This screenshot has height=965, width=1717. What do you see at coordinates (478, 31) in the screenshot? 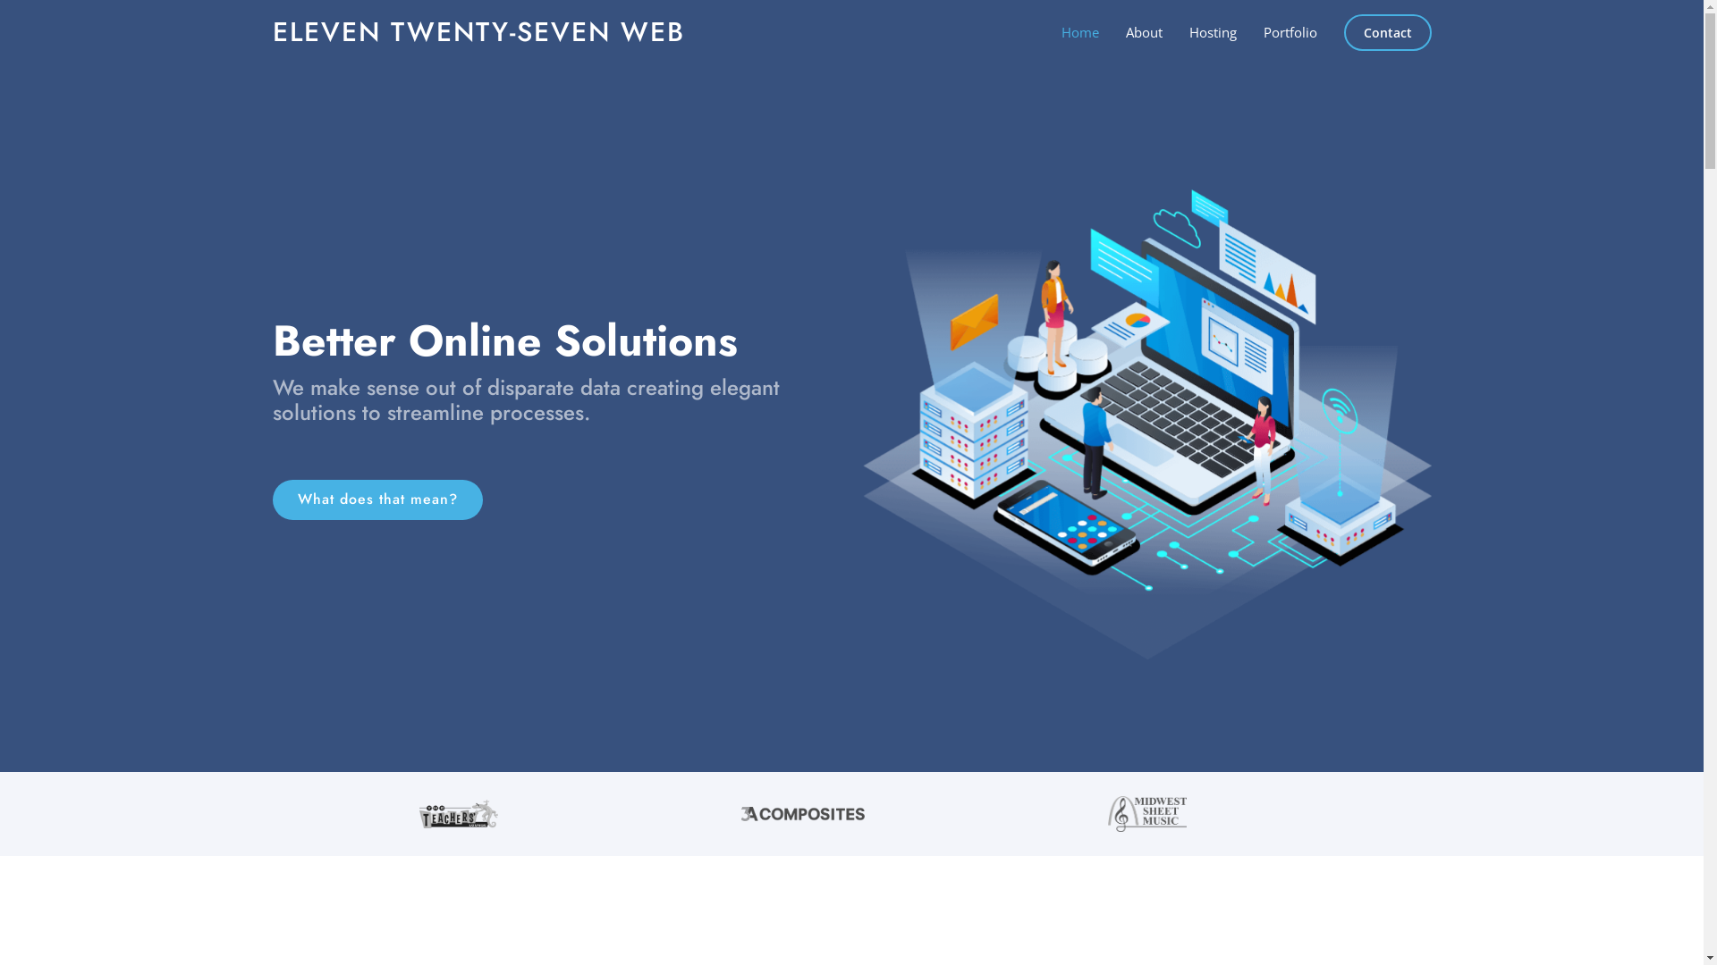
I see `'ELEVEN TWENTY-SEVEN WEB'` at bounding box center [478, 31].